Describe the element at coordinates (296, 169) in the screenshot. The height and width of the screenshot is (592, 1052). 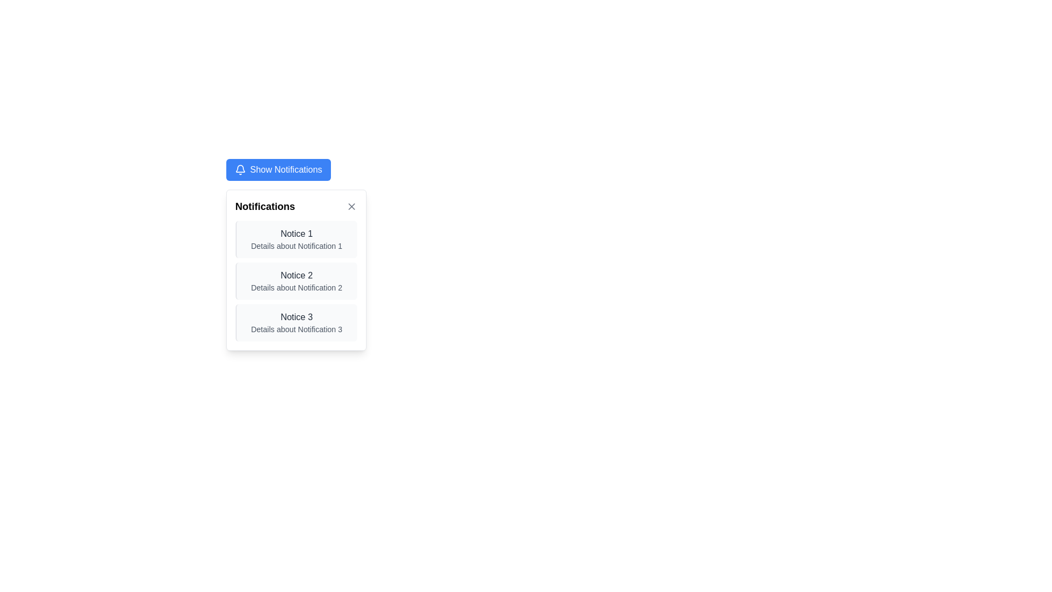
I see `the button with a blue background that has a bell icon and the text 'Show Notifications' to show or hide notifications` at that location.